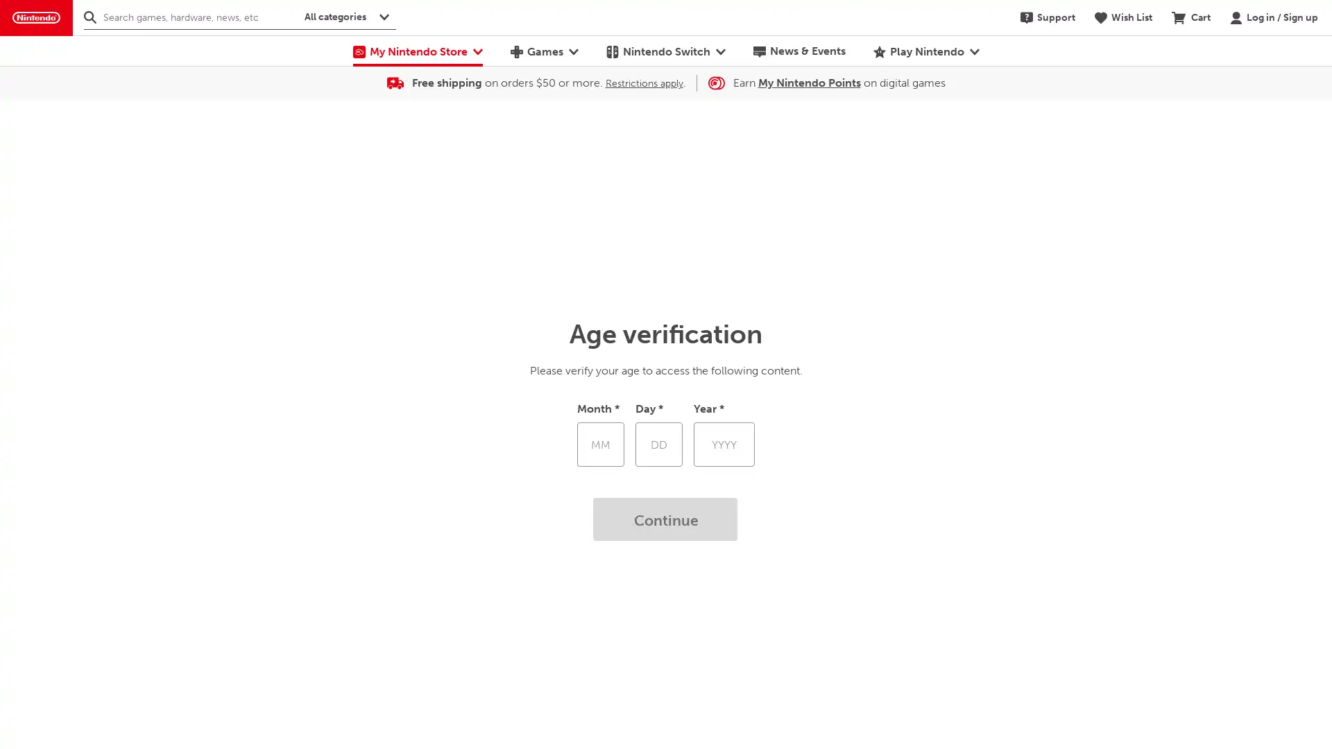  I want to click on Play Nintendo, so click(925, 50).